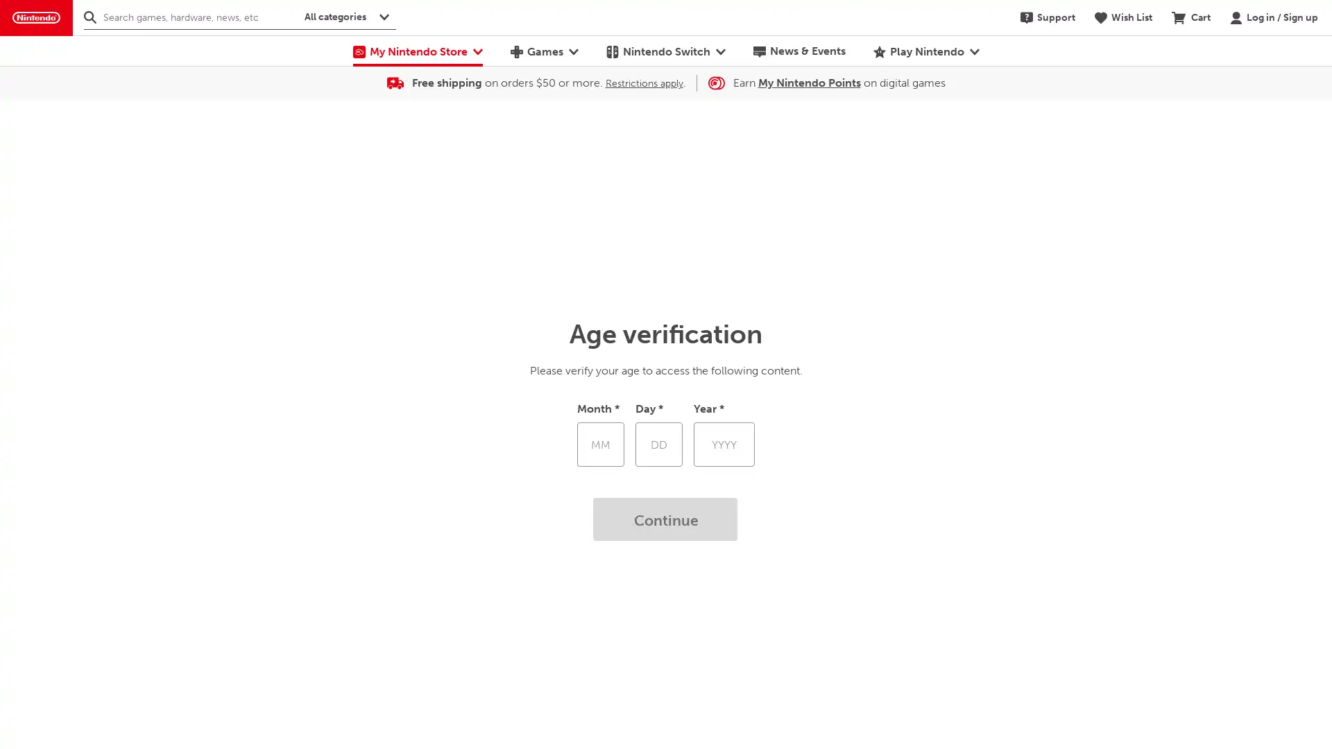  I want to click on Play Nintendo, so click(925, 50).